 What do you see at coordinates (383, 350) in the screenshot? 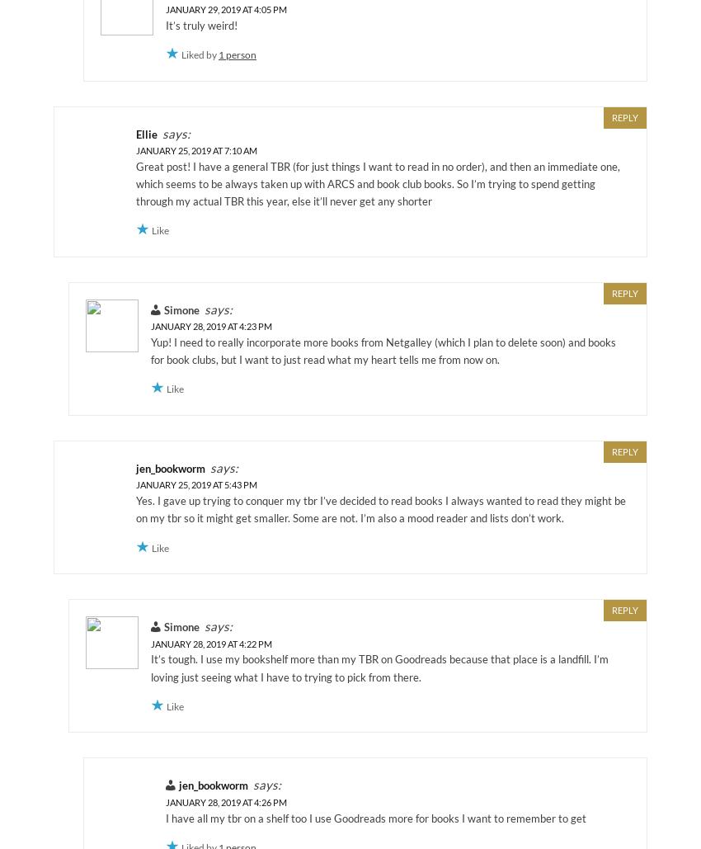
I see `'Yup! I need to really incorporate more books from Netgalley (which I plan to delete soon) and books for book clubs, but I want to just read what my heart tells me from now on.'` at bounding box center [383, 350].